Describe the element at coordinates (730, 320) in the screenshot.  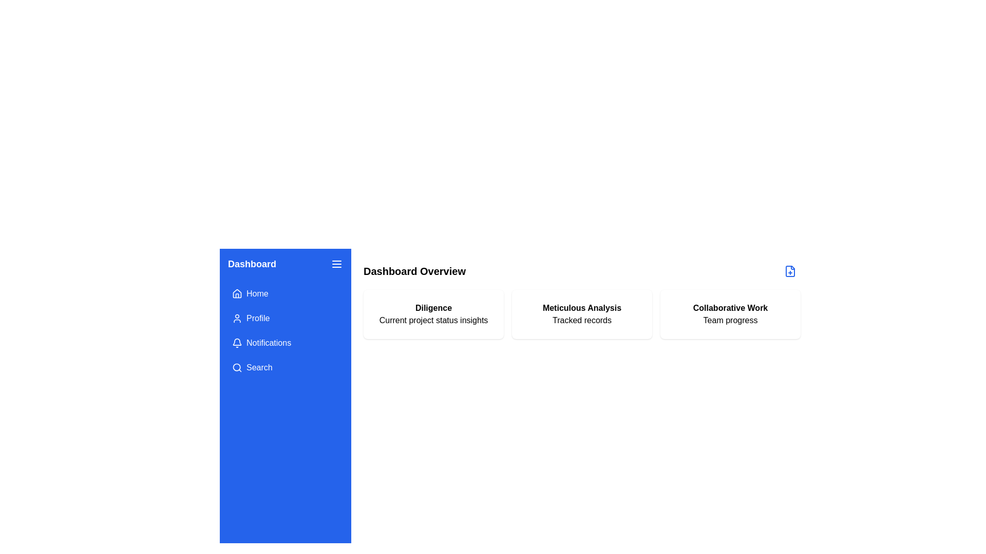
I see `the text label that reads 'Team progress', which is styled with a standard font and located below the 'Collaborative Work' header in the top-right section of the UI` at that location.